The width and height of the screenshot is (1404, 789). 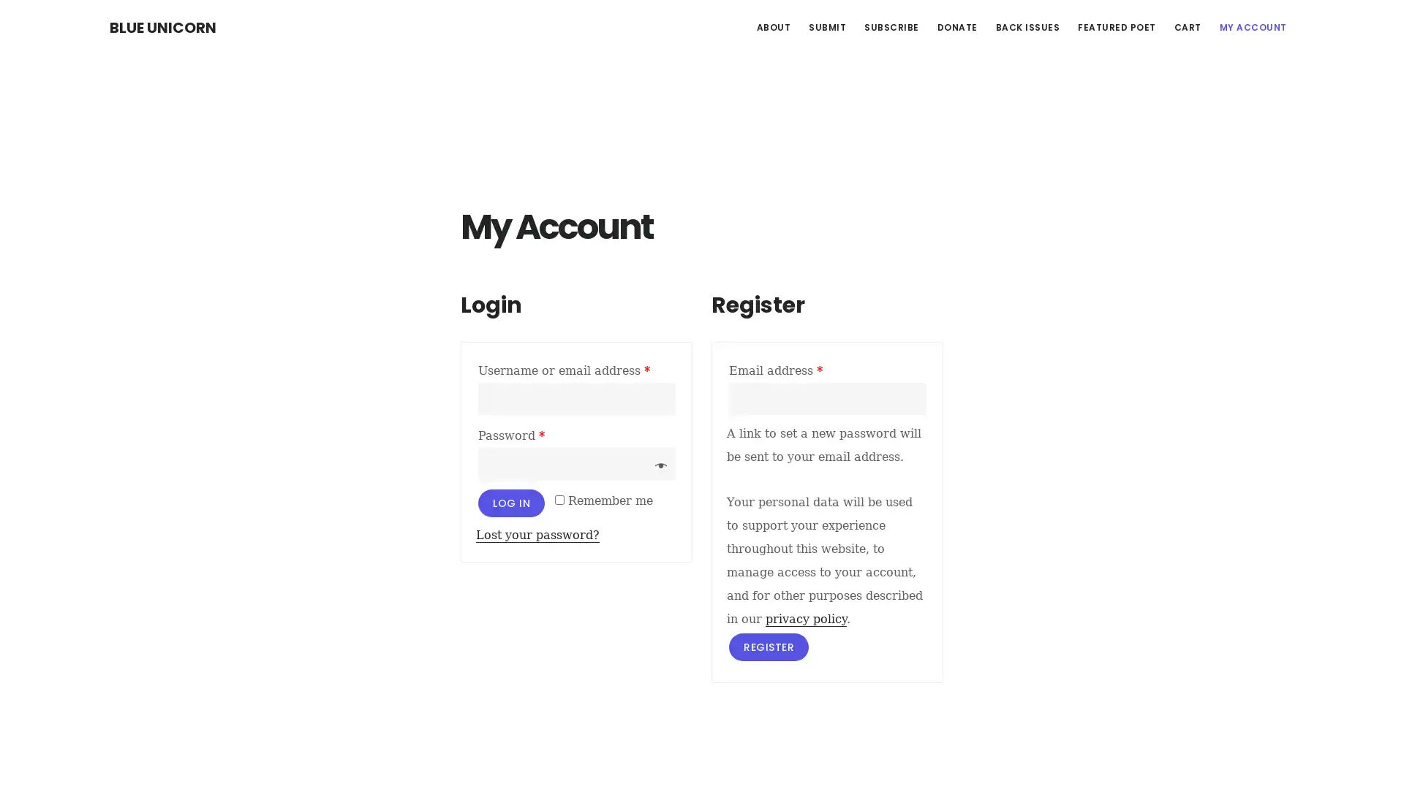 What do you see at coordinates (511, 501) in the screenshot?
I see `LOG IN` at bounding box center [511, 501].